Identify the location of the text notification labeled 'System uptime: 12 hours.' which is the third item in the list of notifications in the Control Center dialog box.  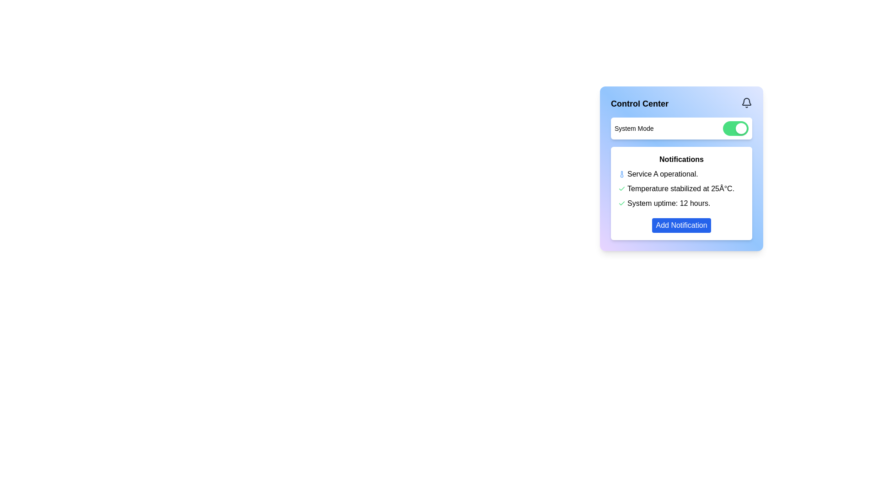
(669, 203).